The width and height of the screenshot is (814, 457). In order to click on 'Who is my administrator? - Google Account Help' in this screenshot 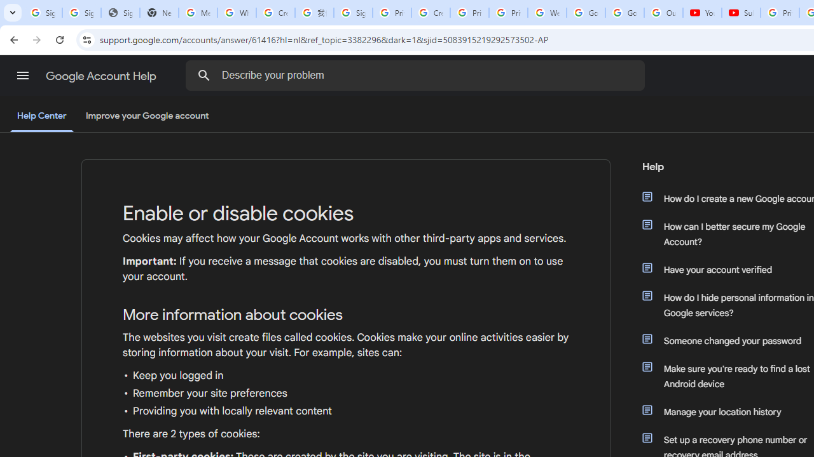, I will do `click(237, 13)`.